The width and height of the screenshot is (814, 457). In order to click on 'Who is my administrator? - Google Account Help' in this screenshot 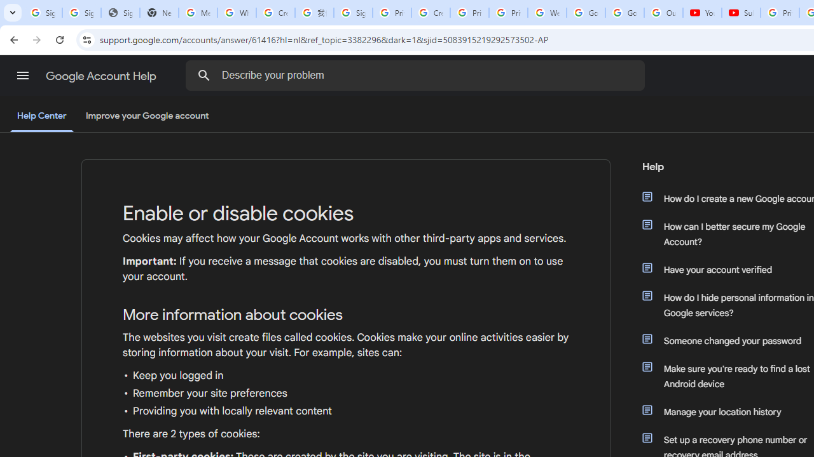, I will do `click(237, 13)`.